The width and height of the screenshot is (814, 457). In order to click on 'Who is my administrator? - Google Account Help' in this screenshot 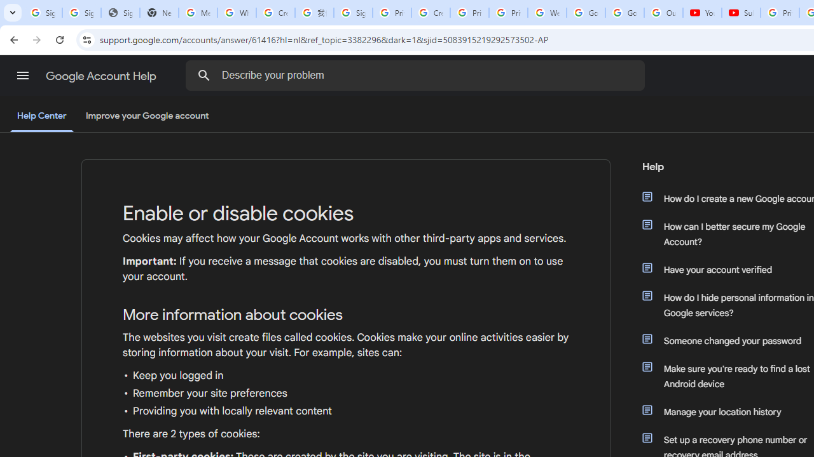, I will do `click(237, 13)`.